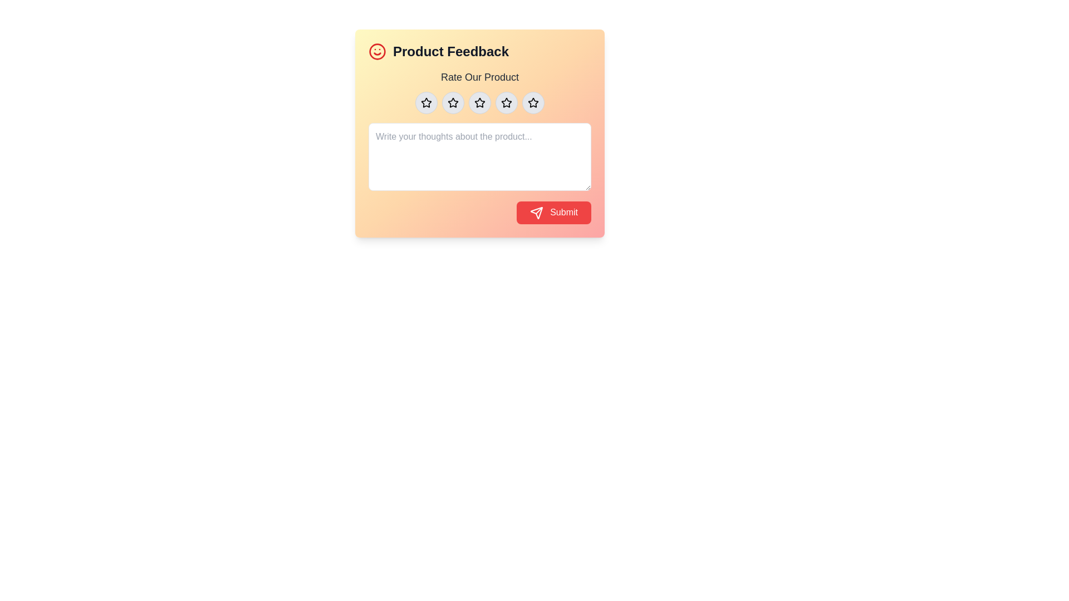  I want to click on the third star button in the five-star rating system, so click(480, 103).